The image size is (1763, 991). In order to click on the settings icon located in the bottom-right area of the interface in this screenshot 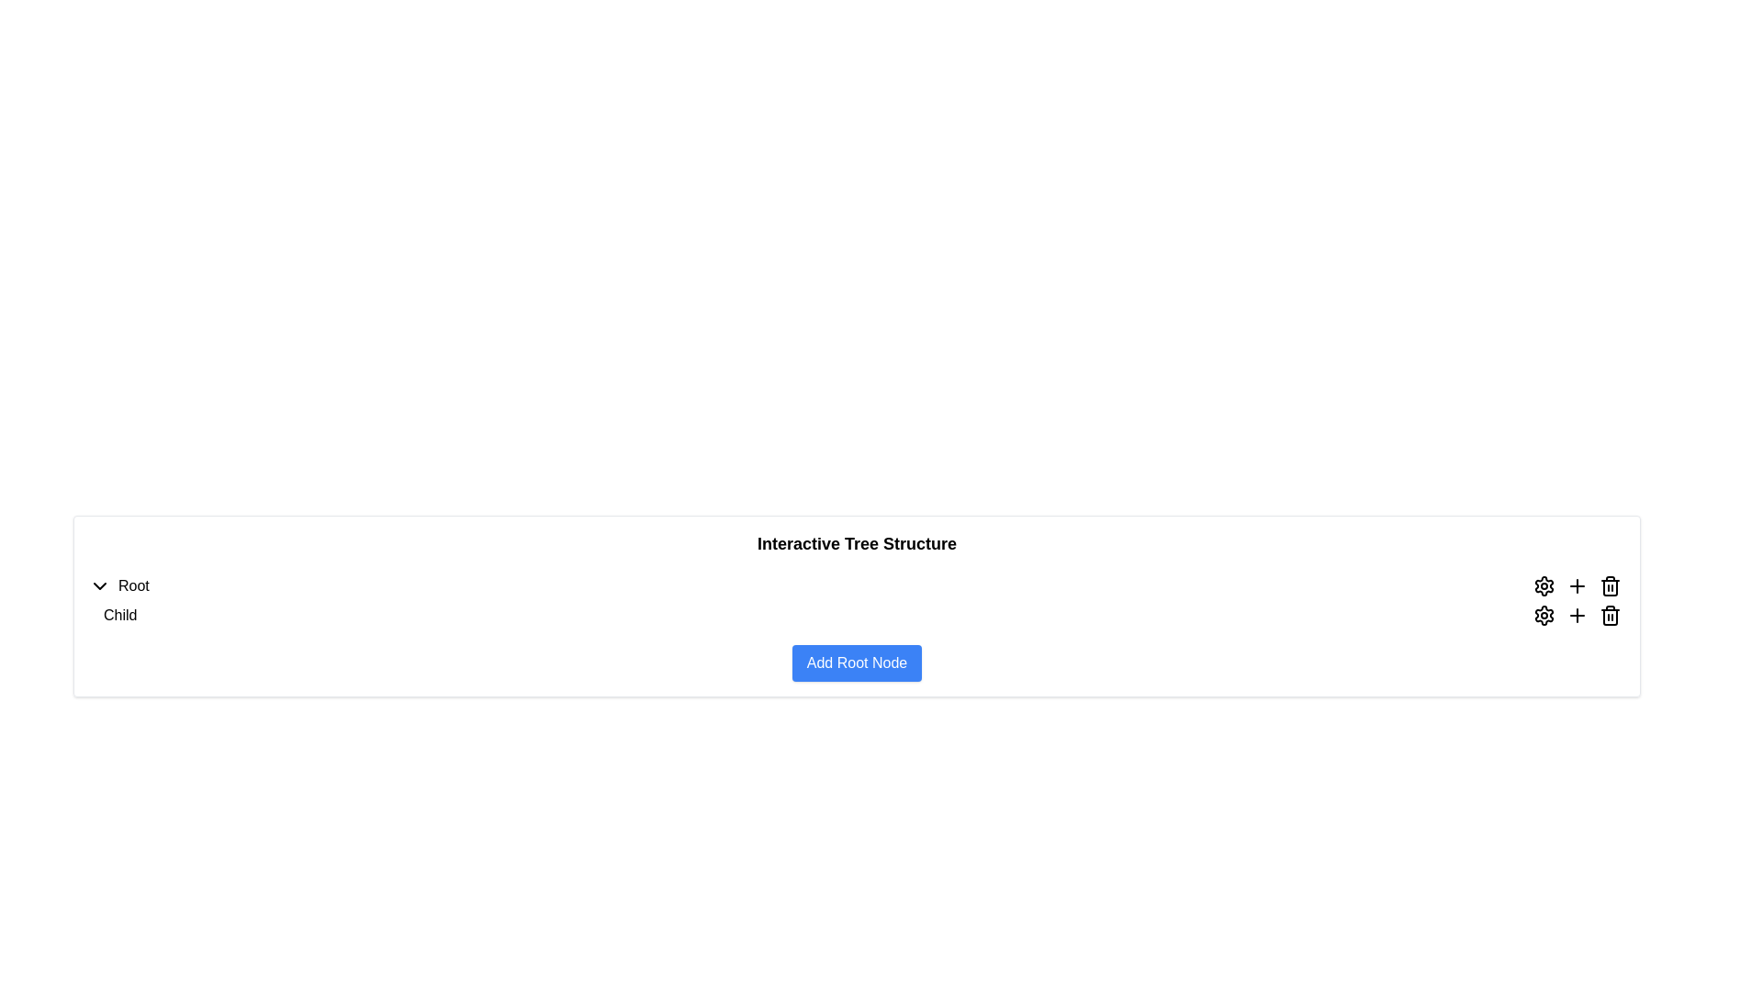, I will do `click(1543, 586)`.